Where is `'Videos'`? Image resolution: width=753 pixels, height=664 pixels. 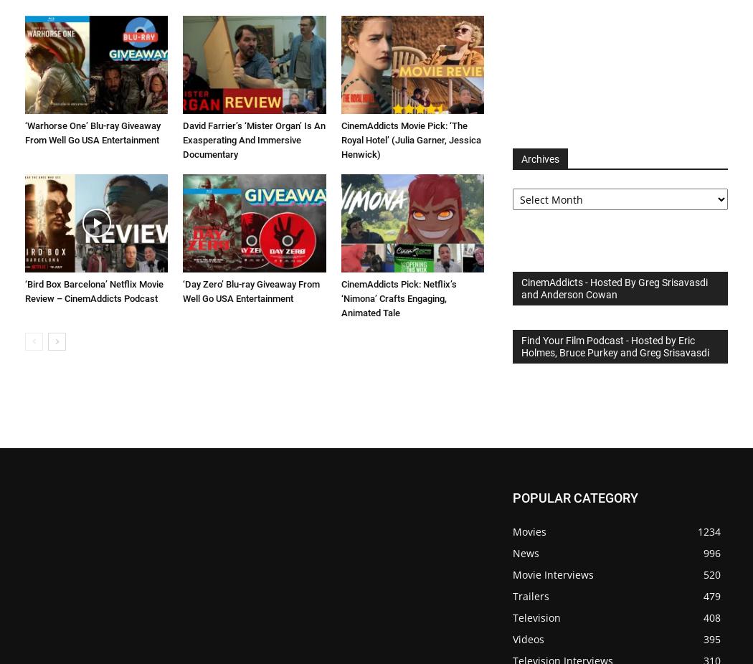
'Videos' is located at coordinates (527, 639).